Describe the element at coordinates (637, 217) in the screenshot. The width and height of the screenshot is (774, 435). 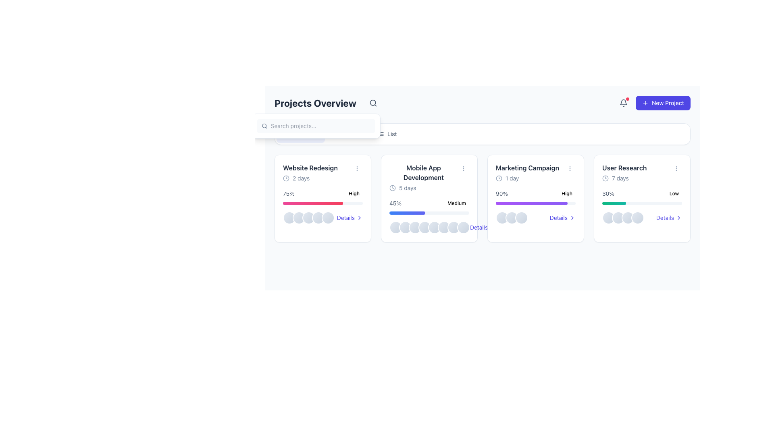
I see `the appearance of the fourth circle in the group of avatars at the bottom of the 'User Research' card` at that location.